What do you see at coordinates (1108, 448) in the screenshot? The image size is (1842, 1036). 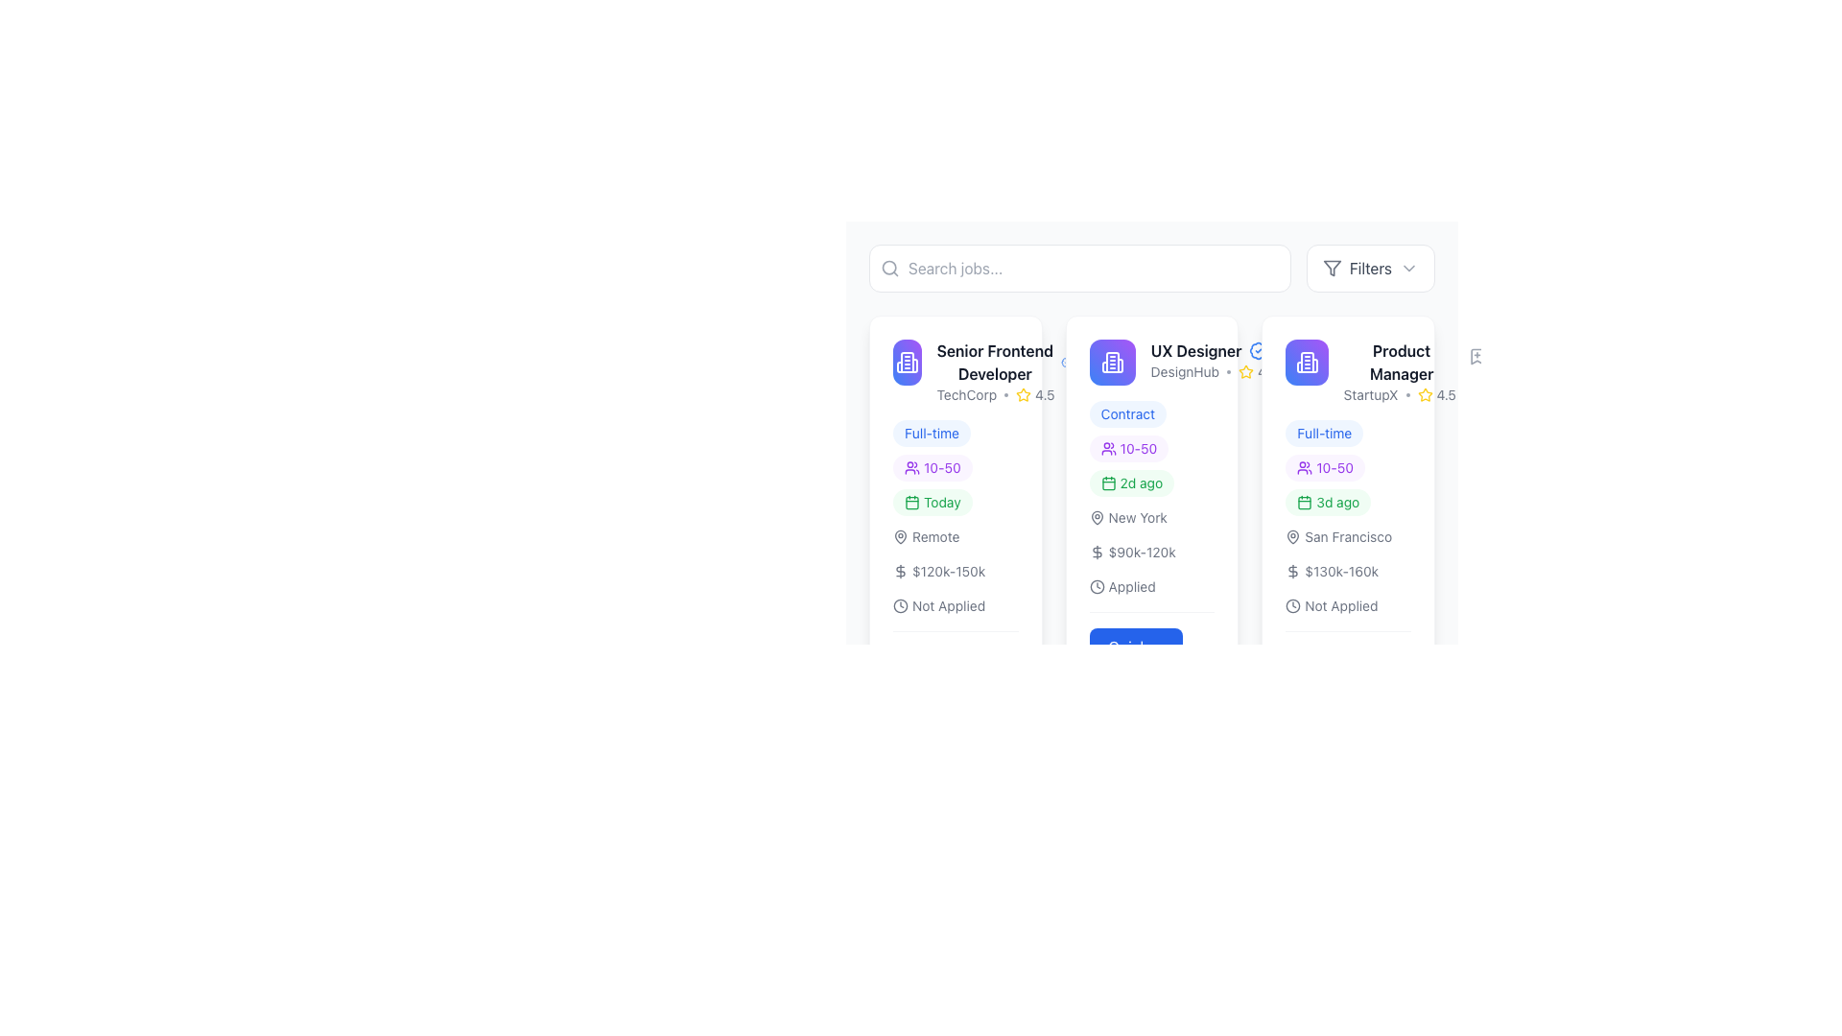 I see `the user silhouette icon within the badge-like component that contains the text '10-50', located at the top of the card representing a role or opportunity` at bounding box center [1108, 448].